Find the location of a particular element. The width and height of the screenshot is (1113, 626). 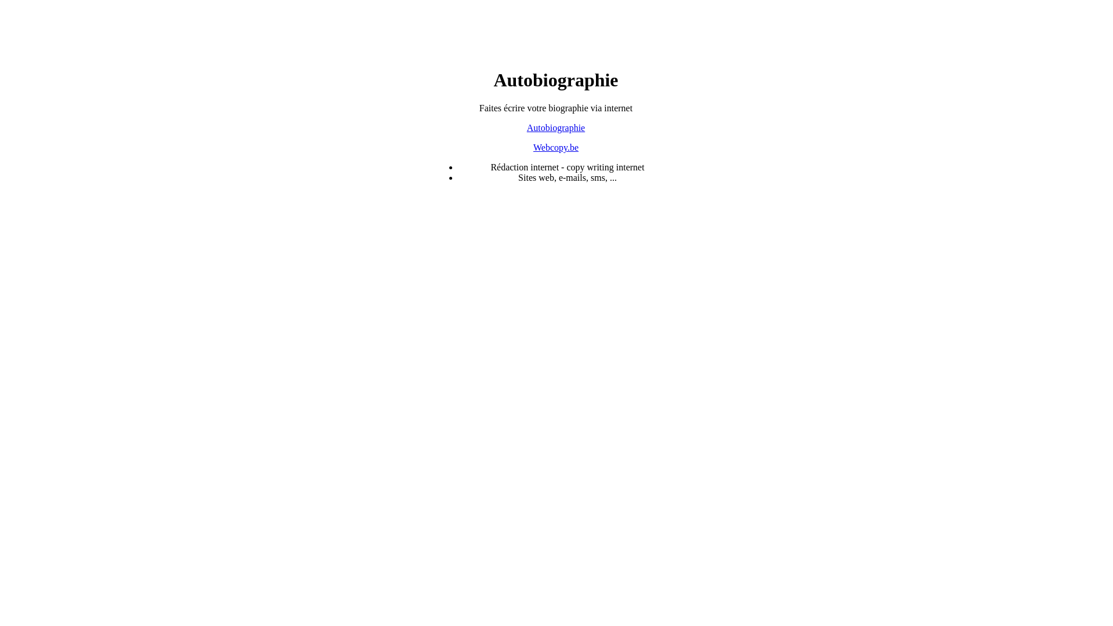

'Autobiographie' is located at coordinates (555, 128).